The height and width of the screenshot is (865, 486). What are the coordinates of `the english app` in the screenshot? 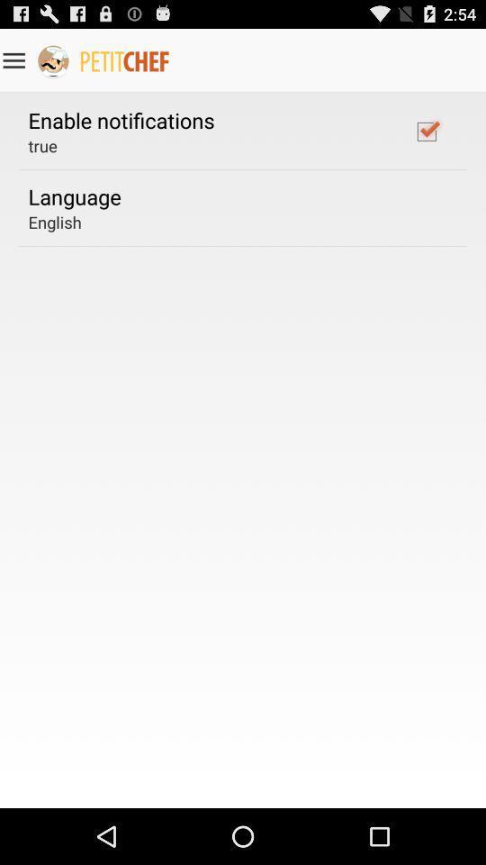 It's located at (55, 221).